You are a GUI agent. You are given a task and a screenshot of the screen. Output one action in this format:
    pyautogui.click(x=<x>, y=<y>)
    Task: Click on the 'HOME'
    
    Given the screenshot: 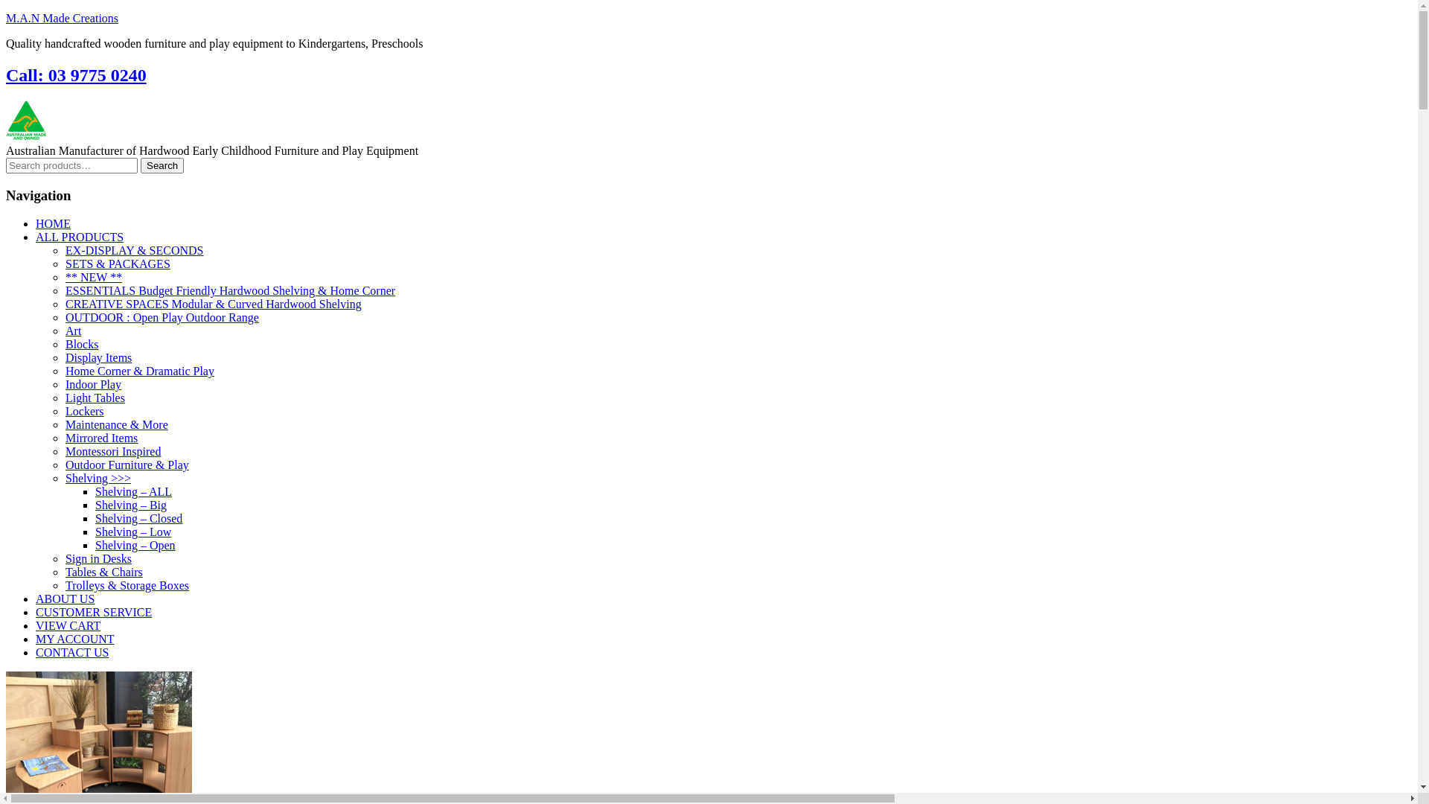 What is the action you would take?
    pyautogui.click(x=53, y=223)
    